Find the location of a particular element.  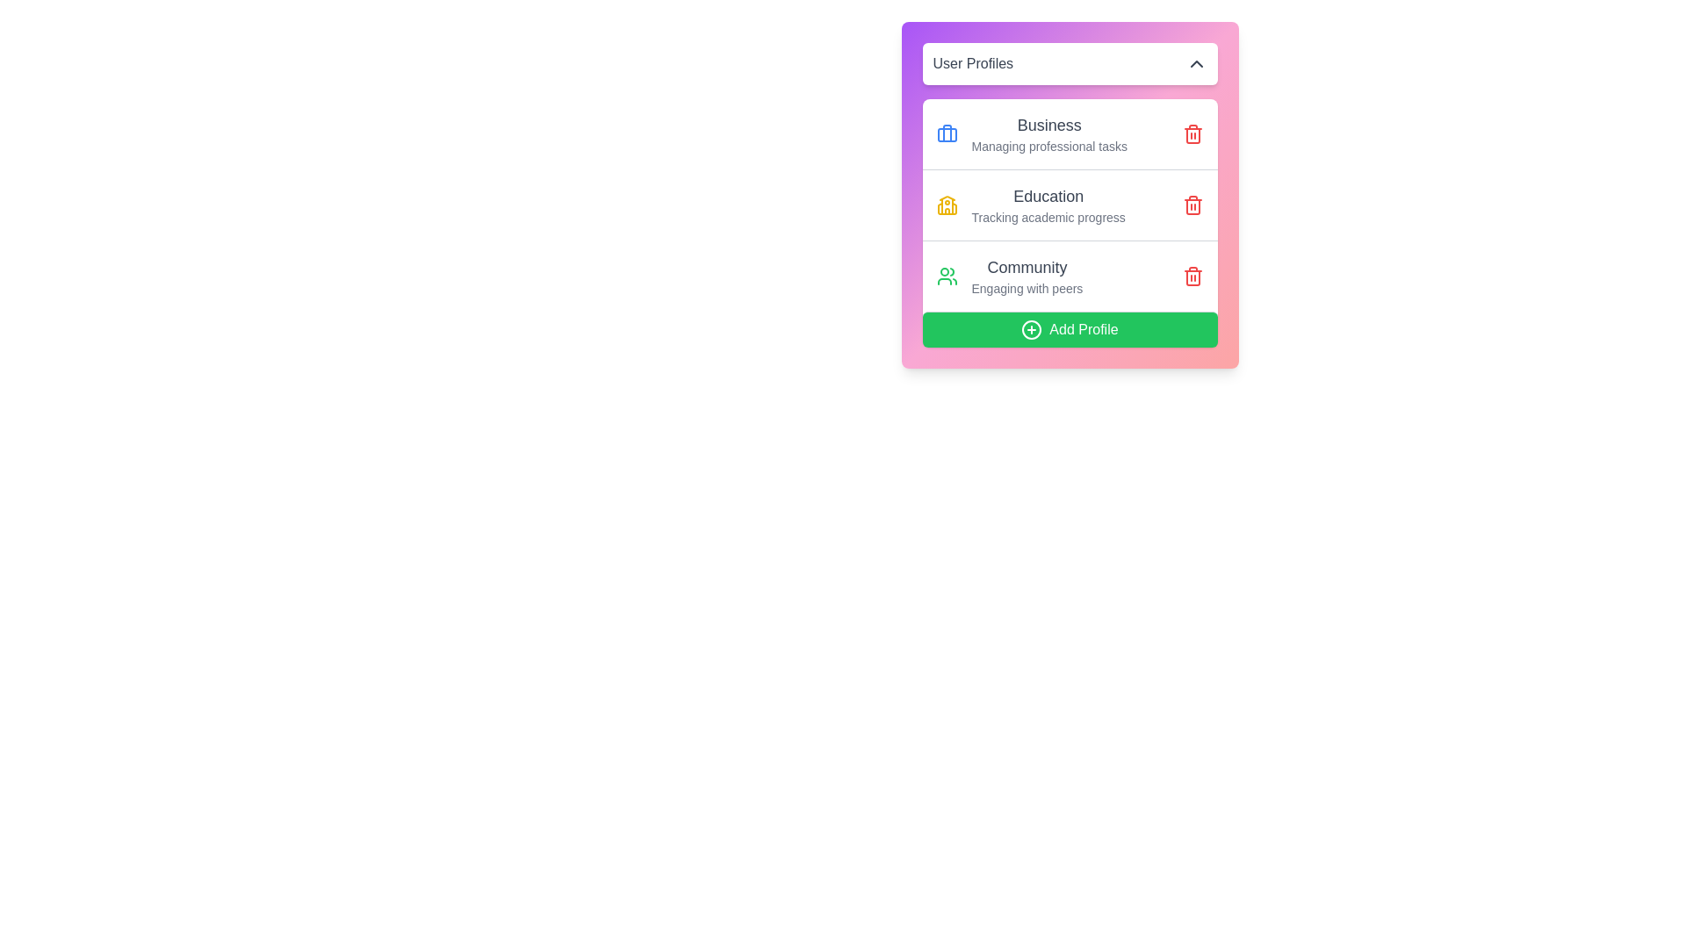

the 'Add Profile' button with a green background and white text, which is located at the bottom of the panel below the 'Community' section is located at coordinates (1069, 329).